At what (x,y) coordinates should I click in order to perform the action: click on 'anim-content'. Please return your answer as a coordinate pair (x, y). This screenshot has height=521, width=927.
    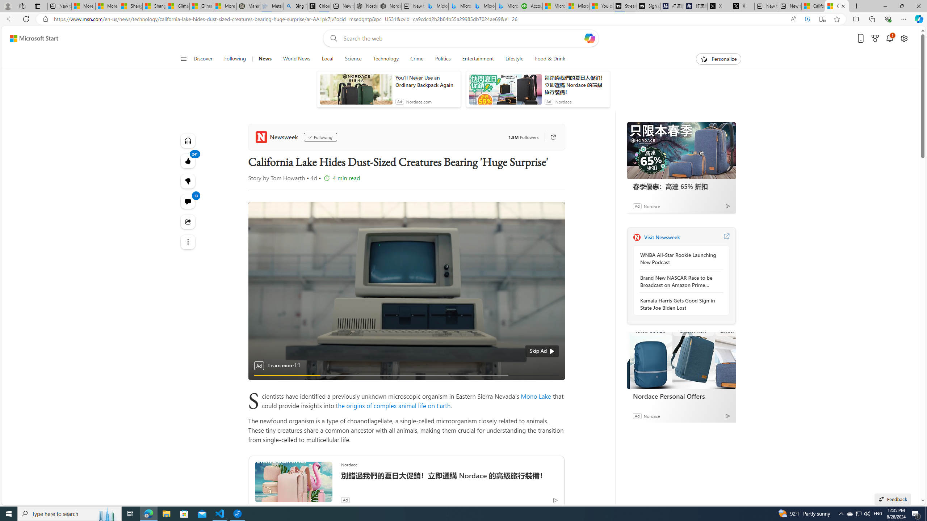
    Looking at the image, I should click on (505, 92).